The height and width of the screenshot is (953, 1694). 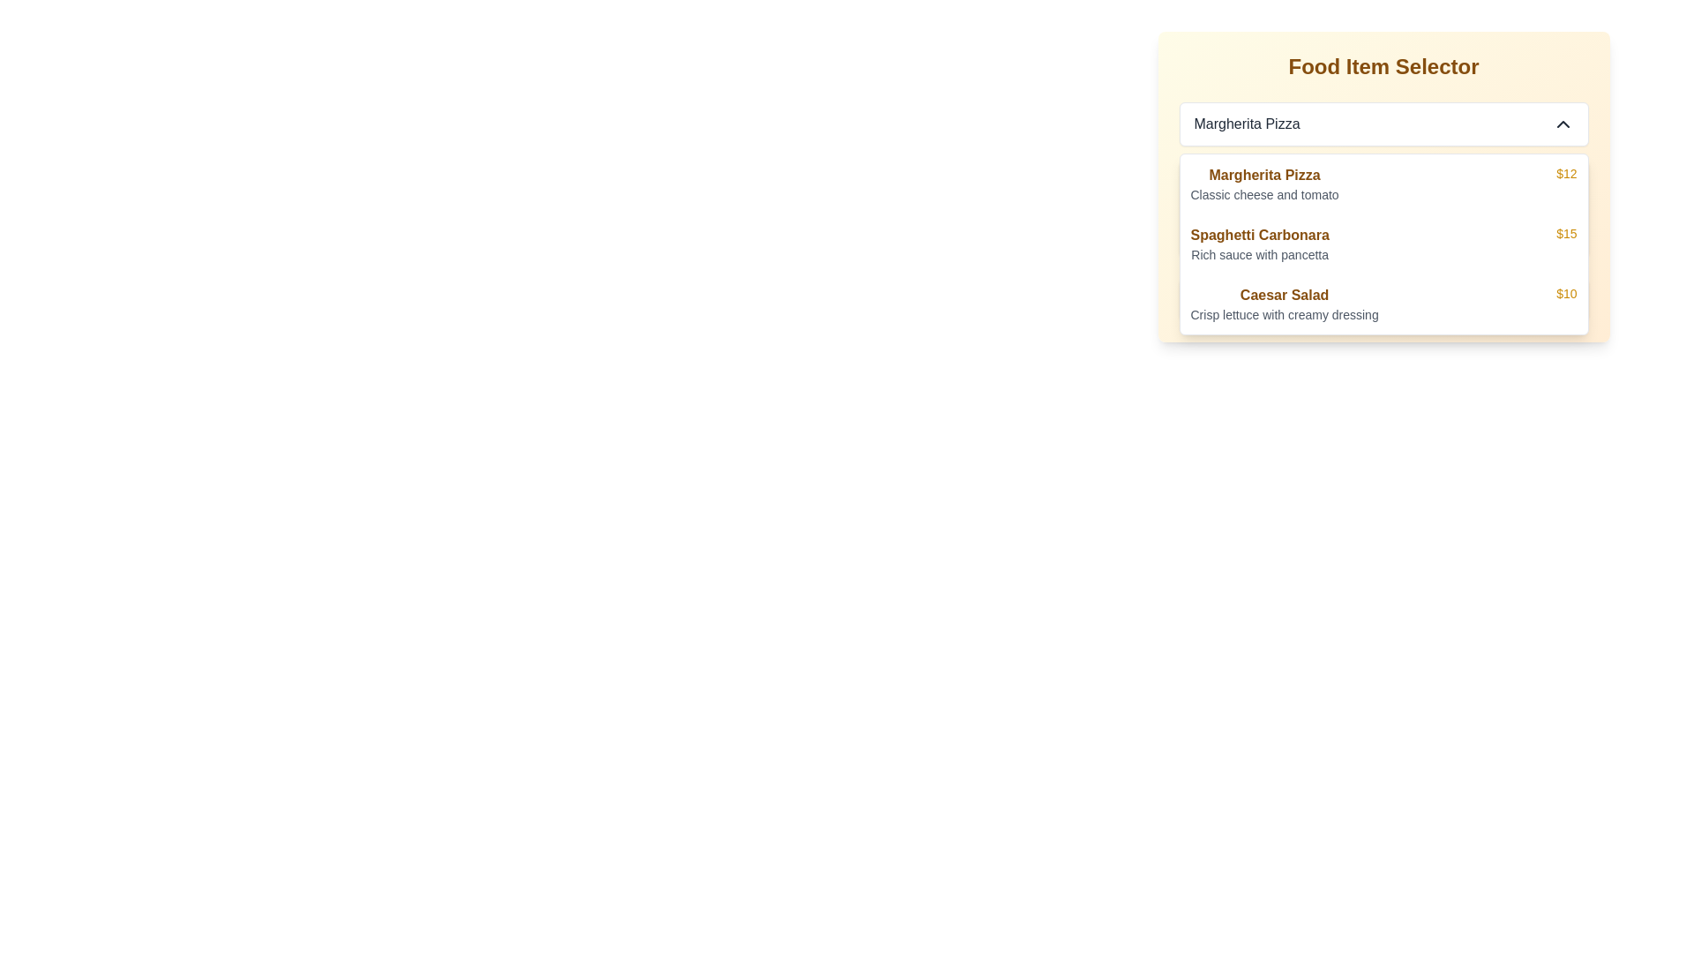 What do you see at coordinates (1259, 234) in the screenshot?
I see `the bold yellowish-brown text label that reads 'Spaghetti Carbonara'` at bounding box center [1259, 234].